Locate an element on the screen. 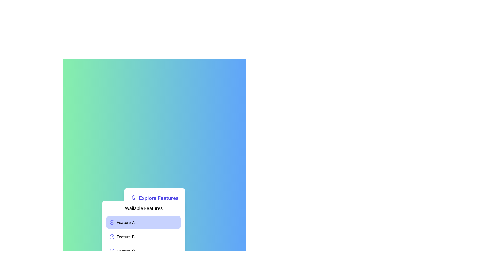 The height and width of the screenshot is (278, 495). the third list item labeled 'Feature C' is located at coordinates (143, 251).